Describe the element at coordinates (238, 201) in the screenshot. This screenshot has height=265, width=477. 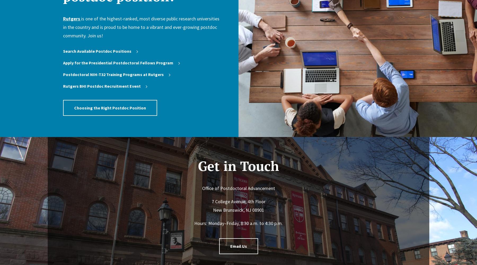
I see `'7 College Avenue, 4th Floor'` at that location.